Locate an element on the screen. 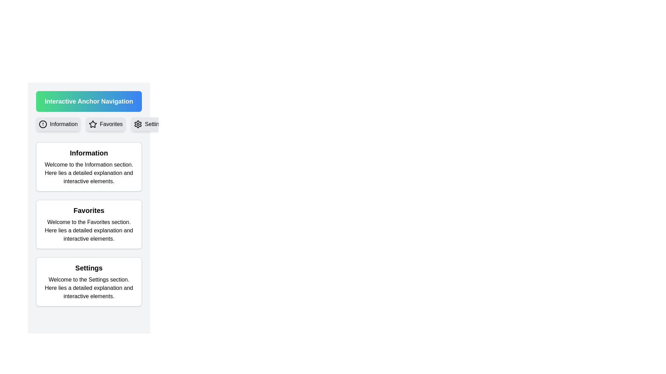 This screenshot has width=666, height=374. content displayed in the 'Favorites' section header, which is the second card in a vertical stack of three, located below the 'Information' card and above the 'Settings' card is located at coordinates (88, 224).